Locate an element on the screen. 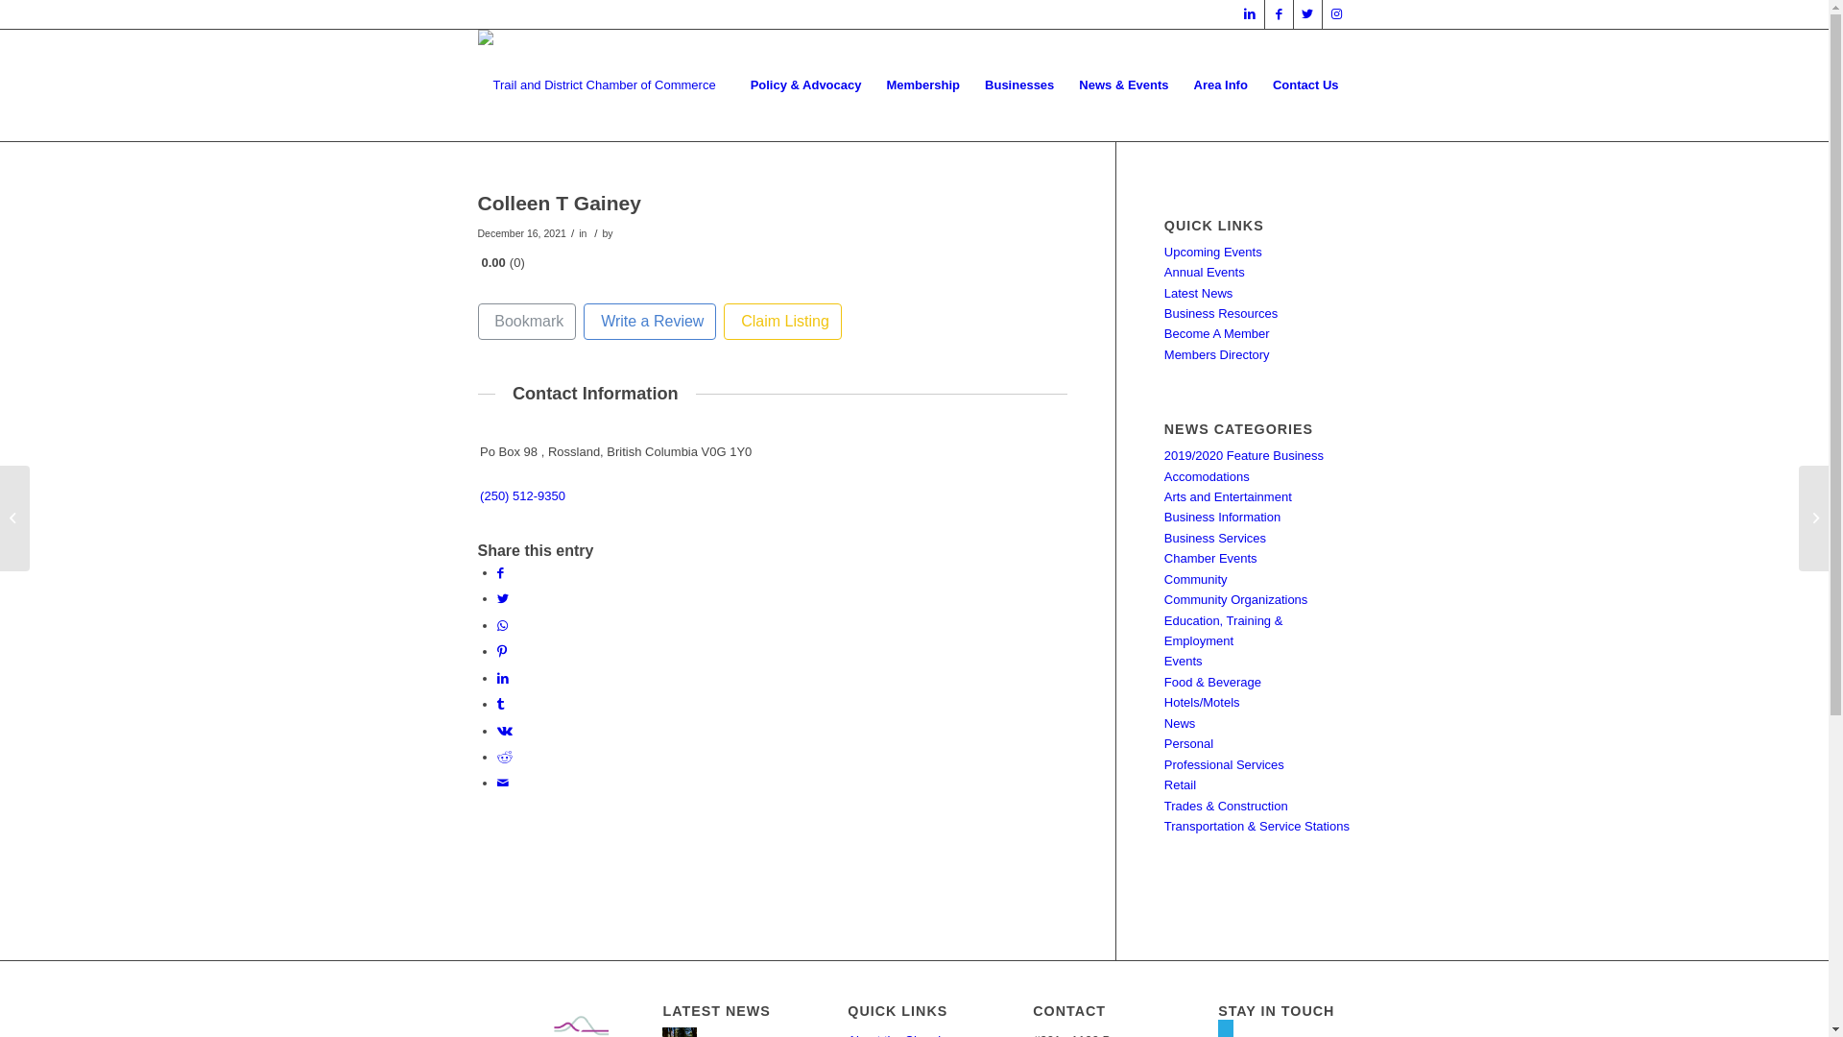 The width and height of the screenshot is (1843, 1037). 'Membership' is located at coordinates (922, 84).